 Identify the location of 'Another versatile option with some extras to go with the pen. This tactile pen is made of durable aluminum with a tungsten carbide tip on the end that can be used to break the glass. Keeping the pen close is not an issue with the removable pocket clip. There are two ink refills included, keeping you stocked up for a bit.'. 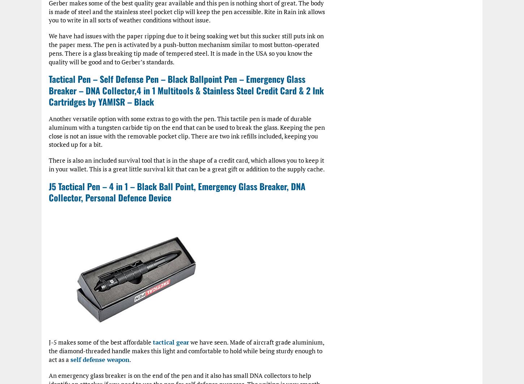
(187, 131).